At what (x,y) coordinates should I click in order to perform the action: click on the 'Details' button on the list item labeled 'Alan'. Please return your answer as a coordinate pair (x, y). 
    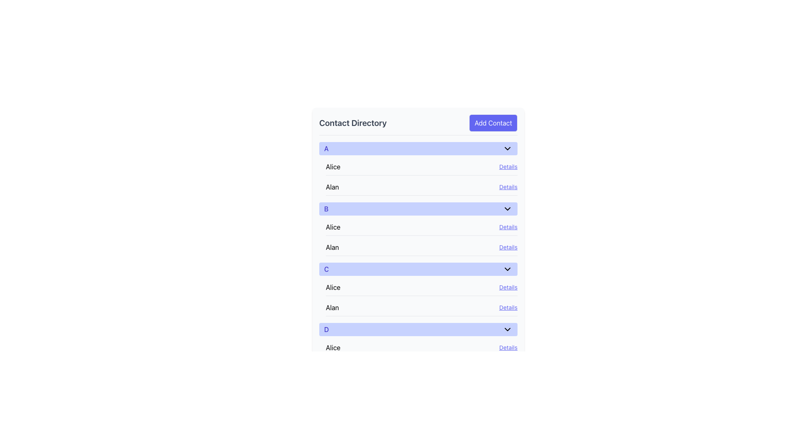
    Looking at the image, I should click on (422, 307).